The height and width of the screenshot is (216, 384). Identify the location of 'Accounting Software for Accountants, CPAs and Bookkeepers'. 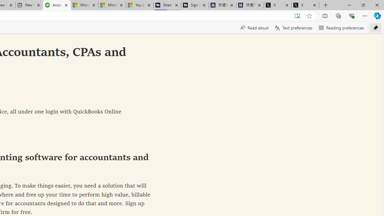
(57, 5).